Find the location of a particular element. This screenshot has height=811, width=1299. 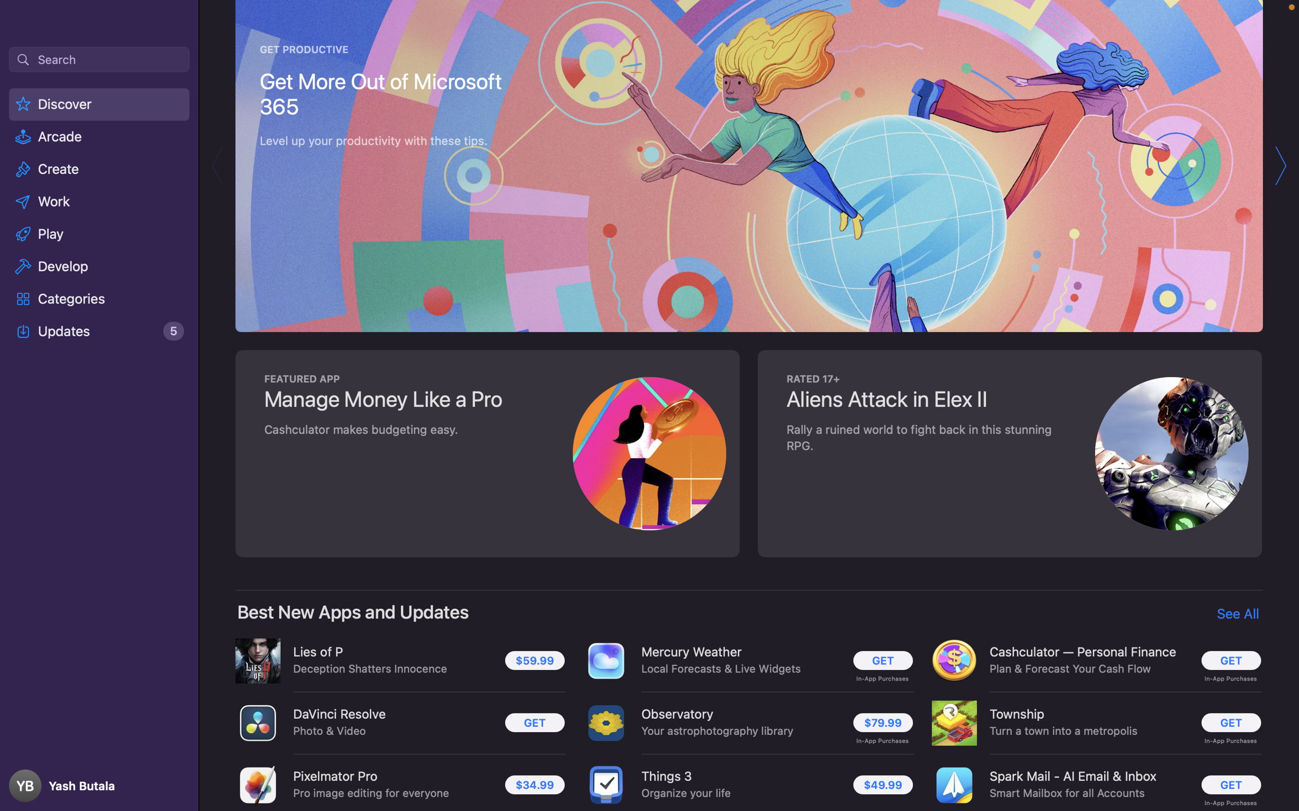

Go to the "Play" section is located at coordinates (99, 232).